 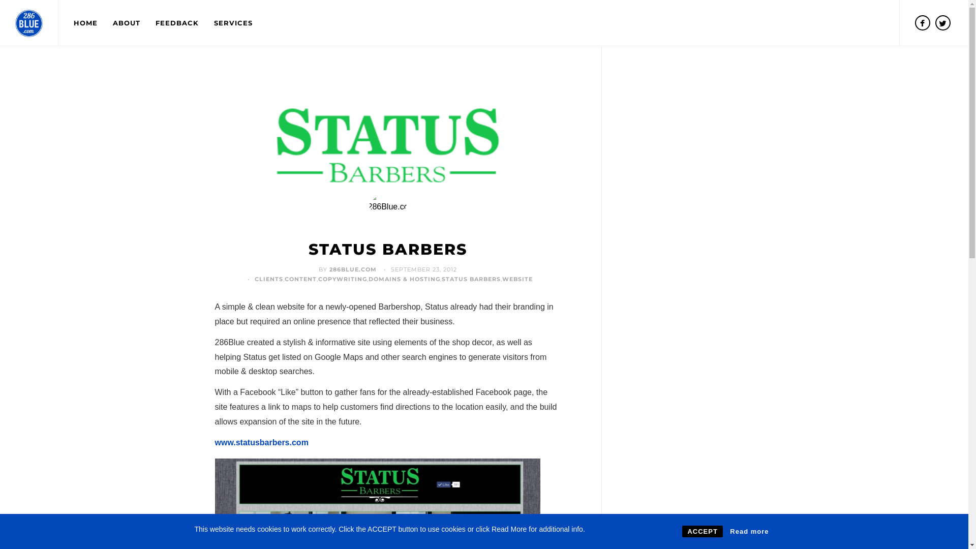 I want to click on 'SERVICES', so click(x=206, y=23).